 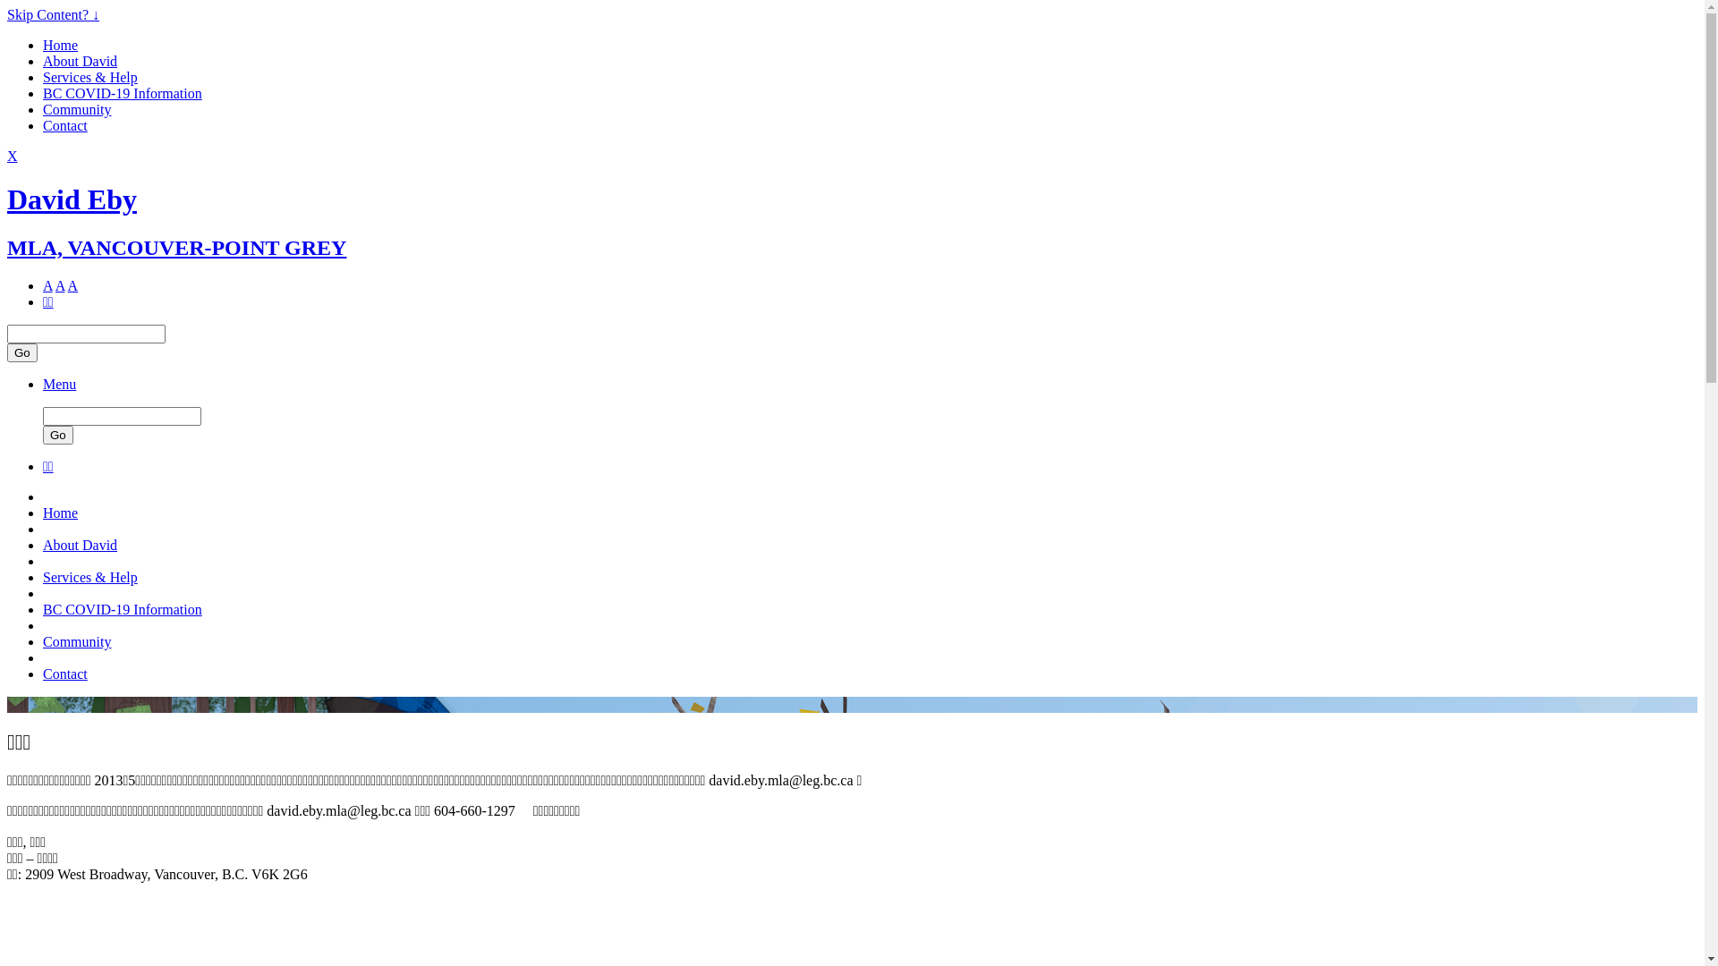 I want to click on 'MLA, VANCOUVER-POINT GREY', so click(x=176, y=248).